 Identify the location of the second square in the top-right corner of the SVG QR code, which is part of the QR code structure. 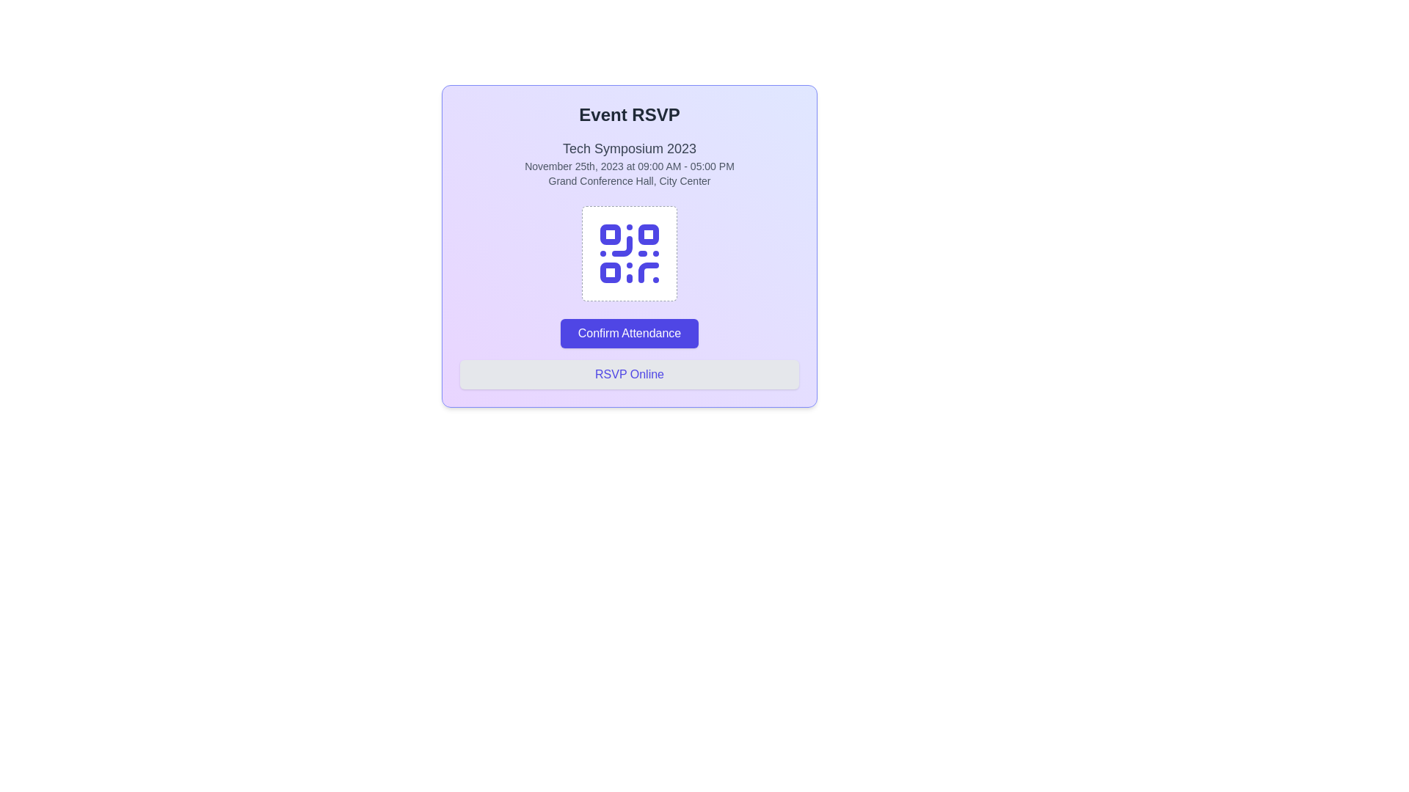
(647, 234).